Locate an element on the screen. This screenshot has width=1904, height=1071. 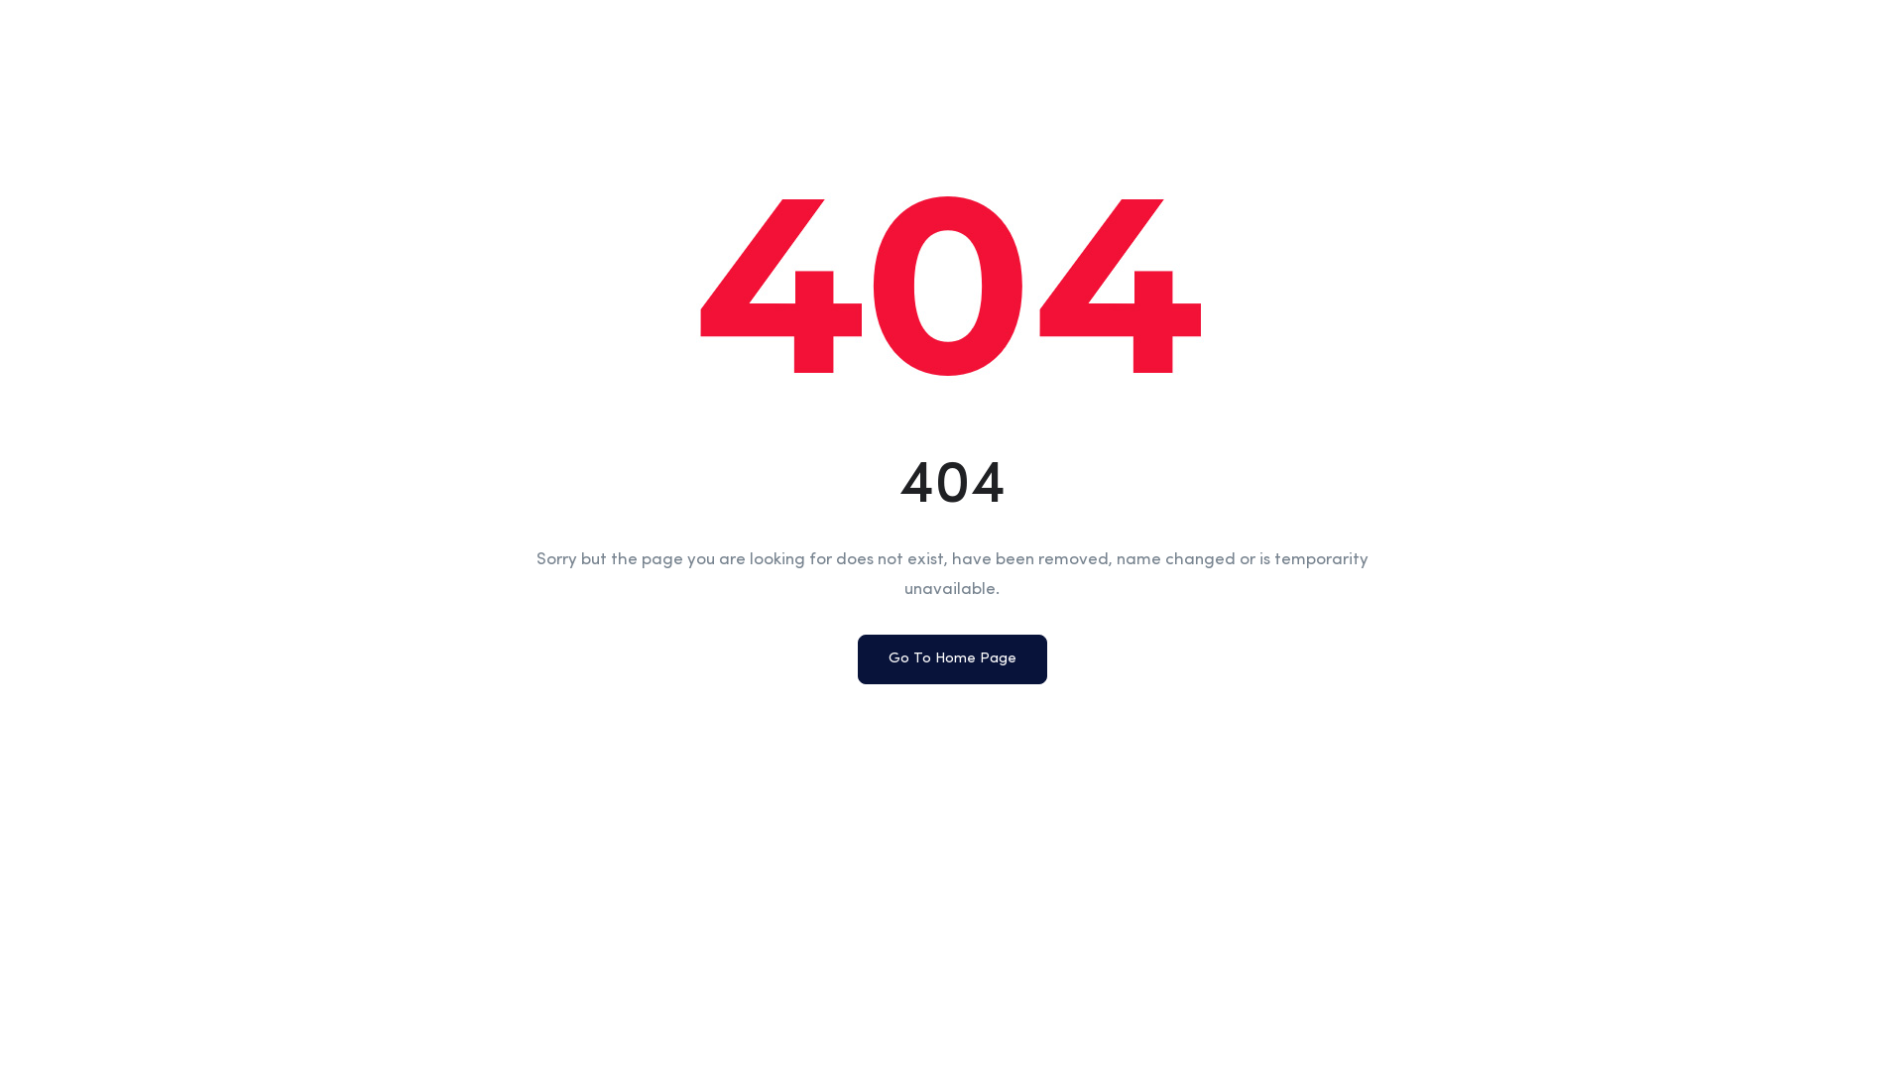
'Go To Home Page' is located at coordinates (857, 658).